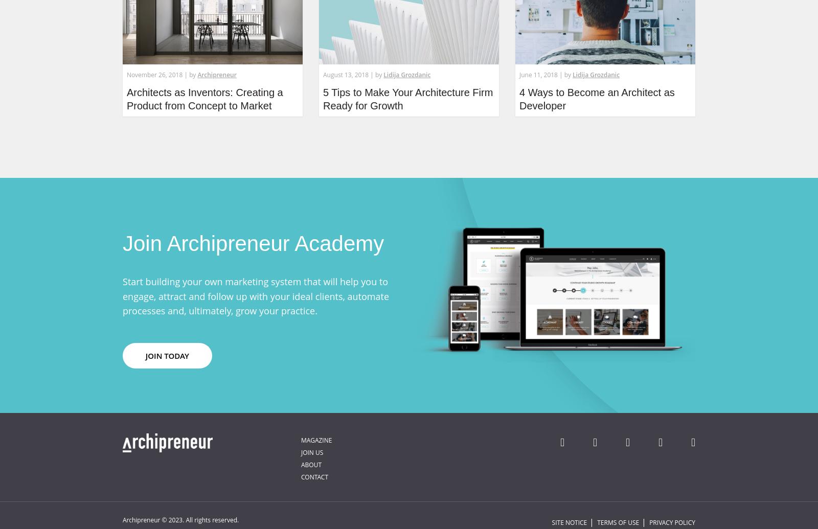  What do you see at coordinates (300, 439) in the screenshot?
I see `'Magazine'` at bounding box center [300, 439].